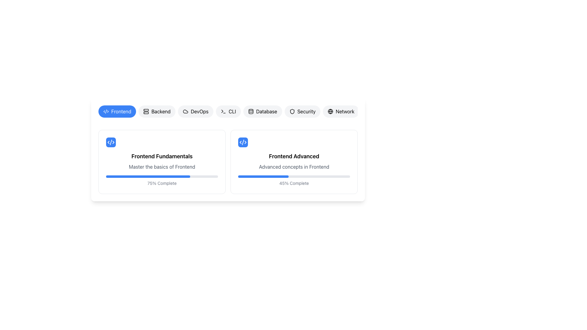 This screenshot has width=587, height=330. What do you see at coordinates (157, 112) in the screenshot?
I see `the 'Backend' button, which is a rounded rectangular button with a light gray background and features an icon resembling a server stack on the left and the text 'Backend' in black on the right` at bounding box center [157, 112].